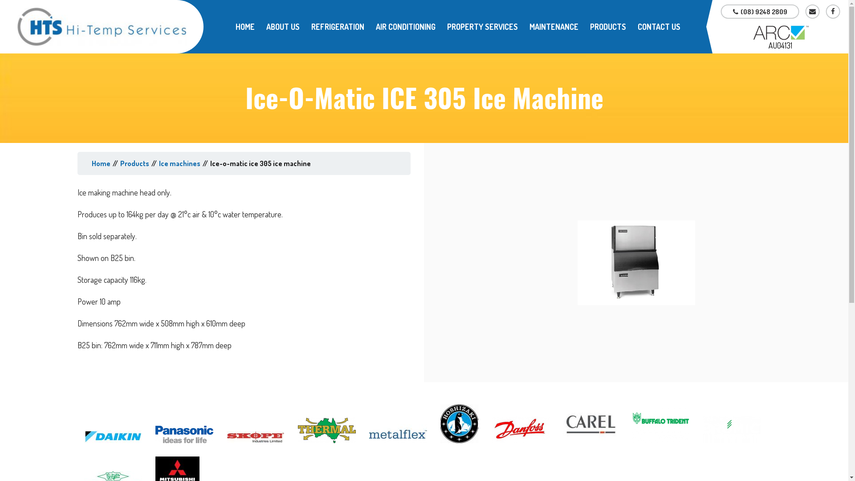 The height and width of the screenshot is (481, 855). Describe the element at coordinates (102, 26) in the screenshot. I see `'HI-TEMP SERVICES'` at that location.